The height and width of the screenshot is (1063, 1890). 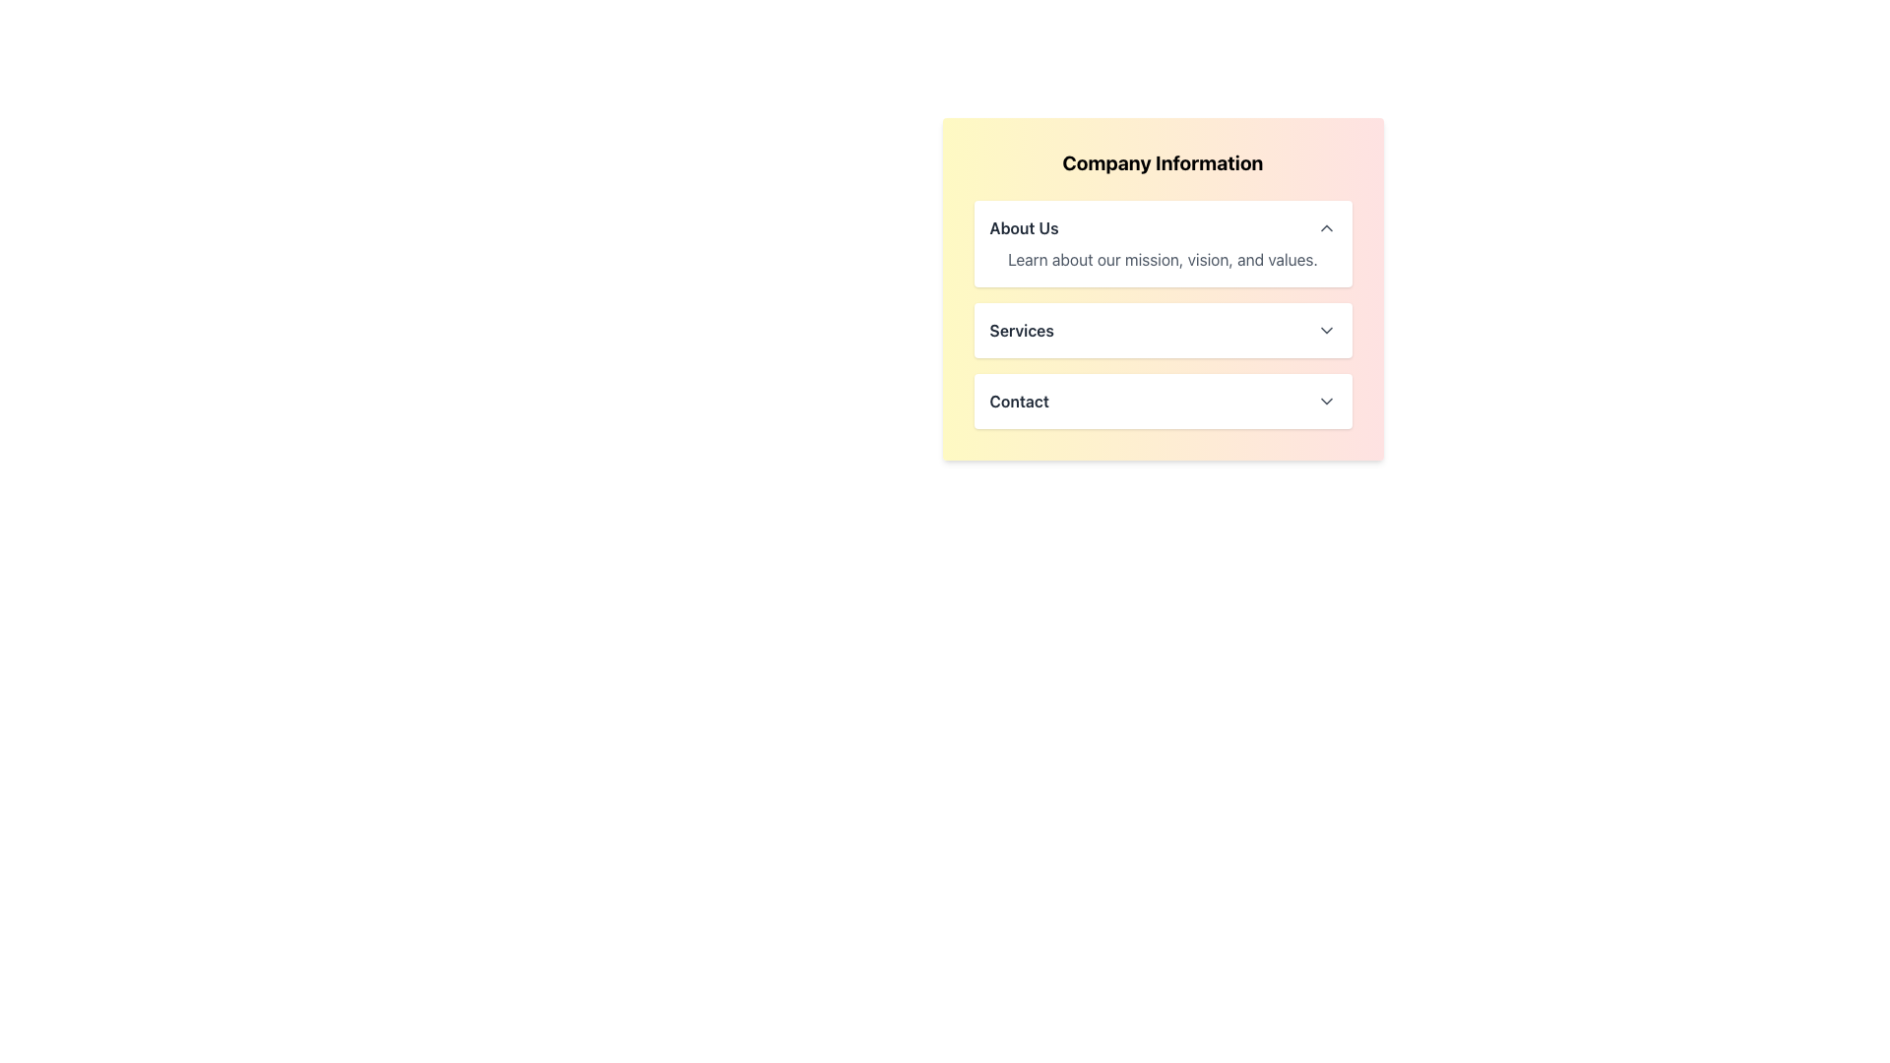 What do you see at coordinates (1163, 258) in the screenshot?
I see `the Text Label that displays 'Learn about our mission, vision, and values.' located below the 'About Us' header in the dropdown-style group` at bounding box center [1163, 258].